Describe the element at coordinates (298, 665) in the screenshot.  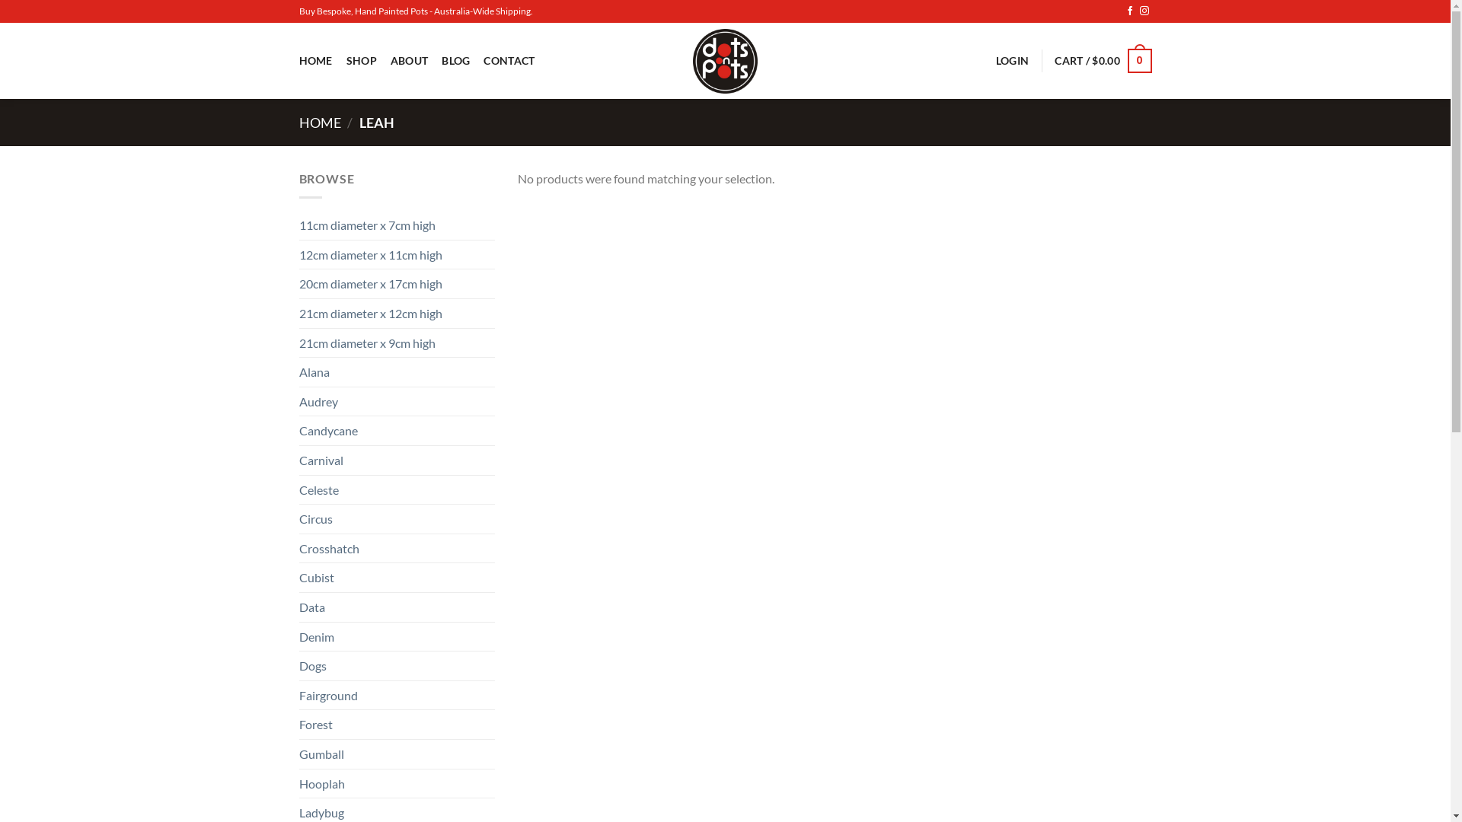
I see `'Dogs'` at that location.